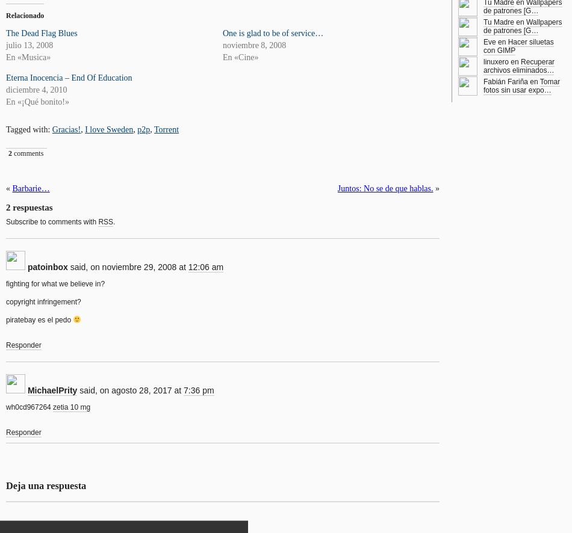  What do you see at coordinates (43, 301) in the screenshot?
I see `'copyright infringement?'` at bounding box center [43, 301].